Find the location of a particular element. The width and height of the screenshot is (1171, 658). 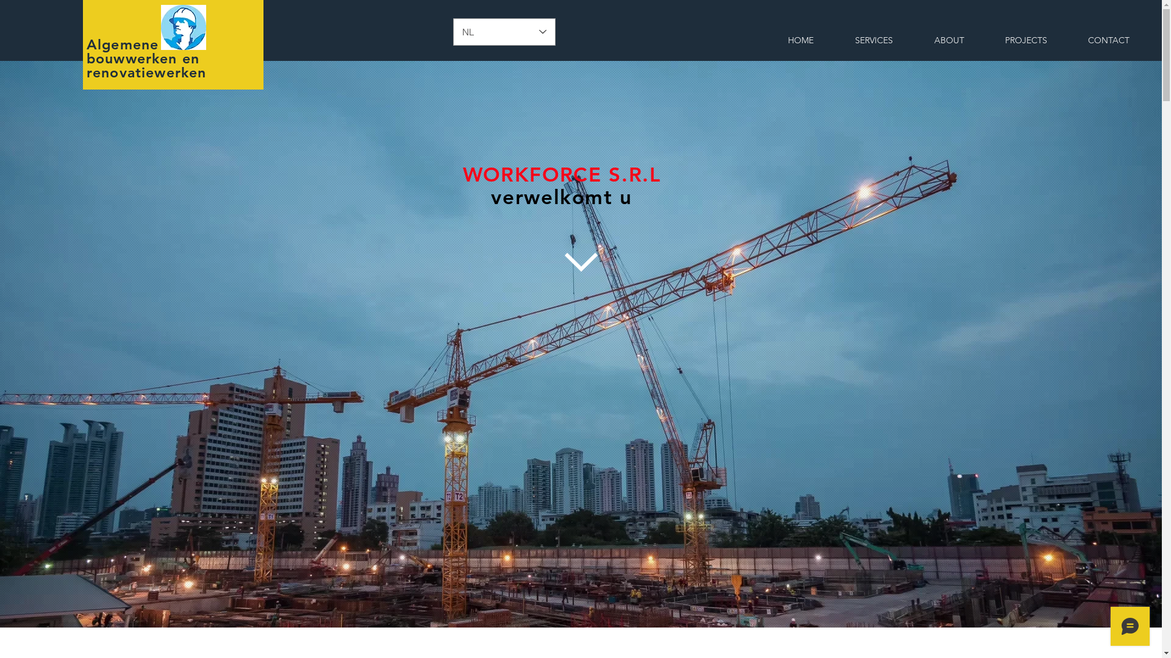

'PROJECTS' is located at coordinates (1025, 40).